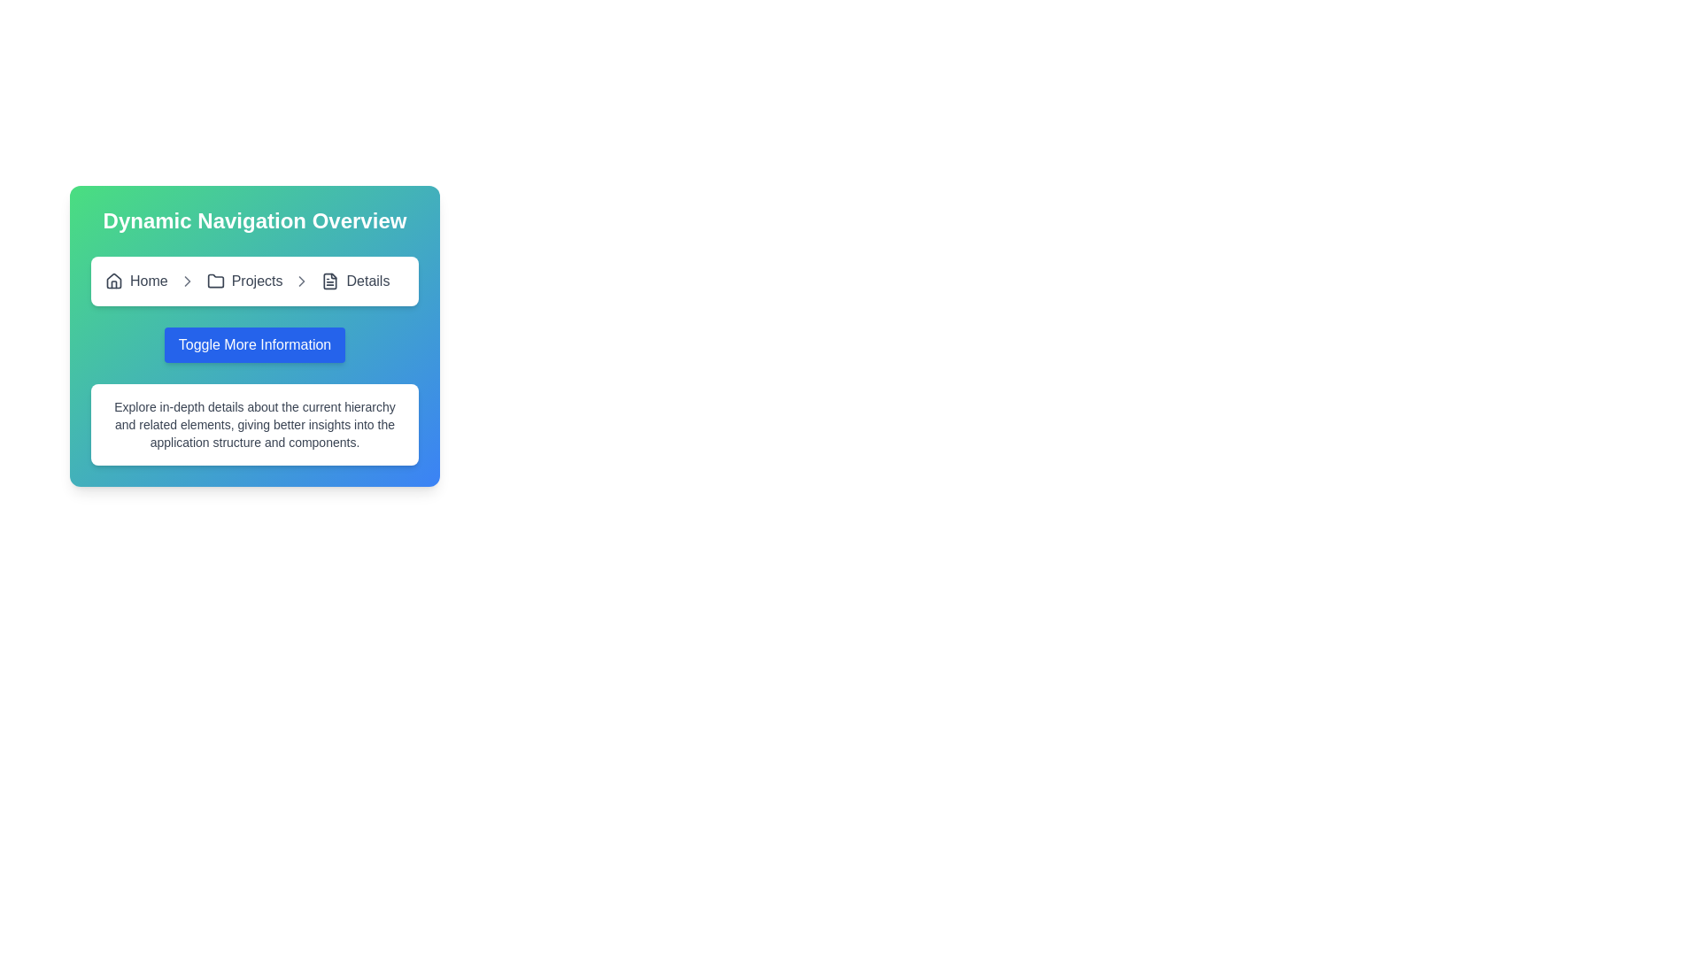 This screenshot has height=956, width=1700. What do you see at coordinates (302, 280) in the screenshot?
I see `the visual appearance of the right-pointing chevron icon styled as an arrow in the breadcrumb navigation bar, located between 'Projects' and 'Details'` at bounding box center [302, 280].